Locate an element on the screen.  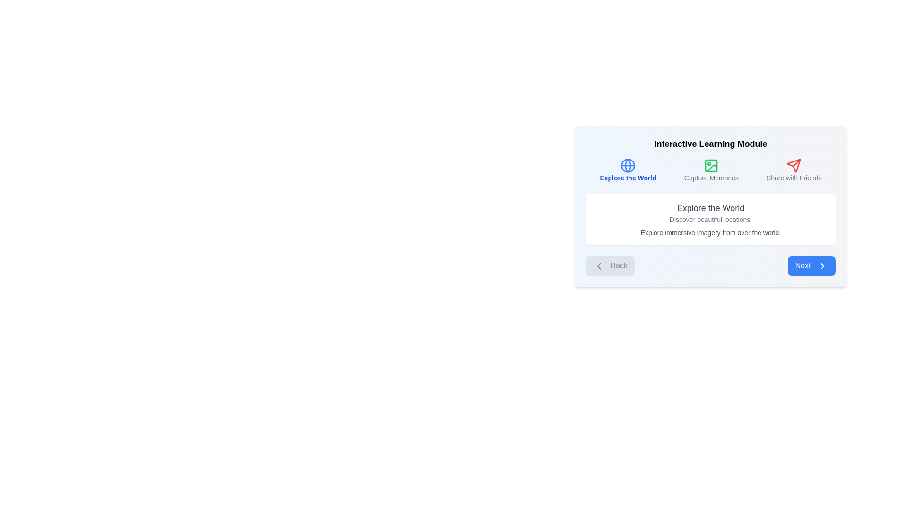
the left-pointing chevron icon which is styled with a thin, rounded line and located inside the rectangular button labeled 'Back', indicating a back navigation action is located at coordinates (599, 266).